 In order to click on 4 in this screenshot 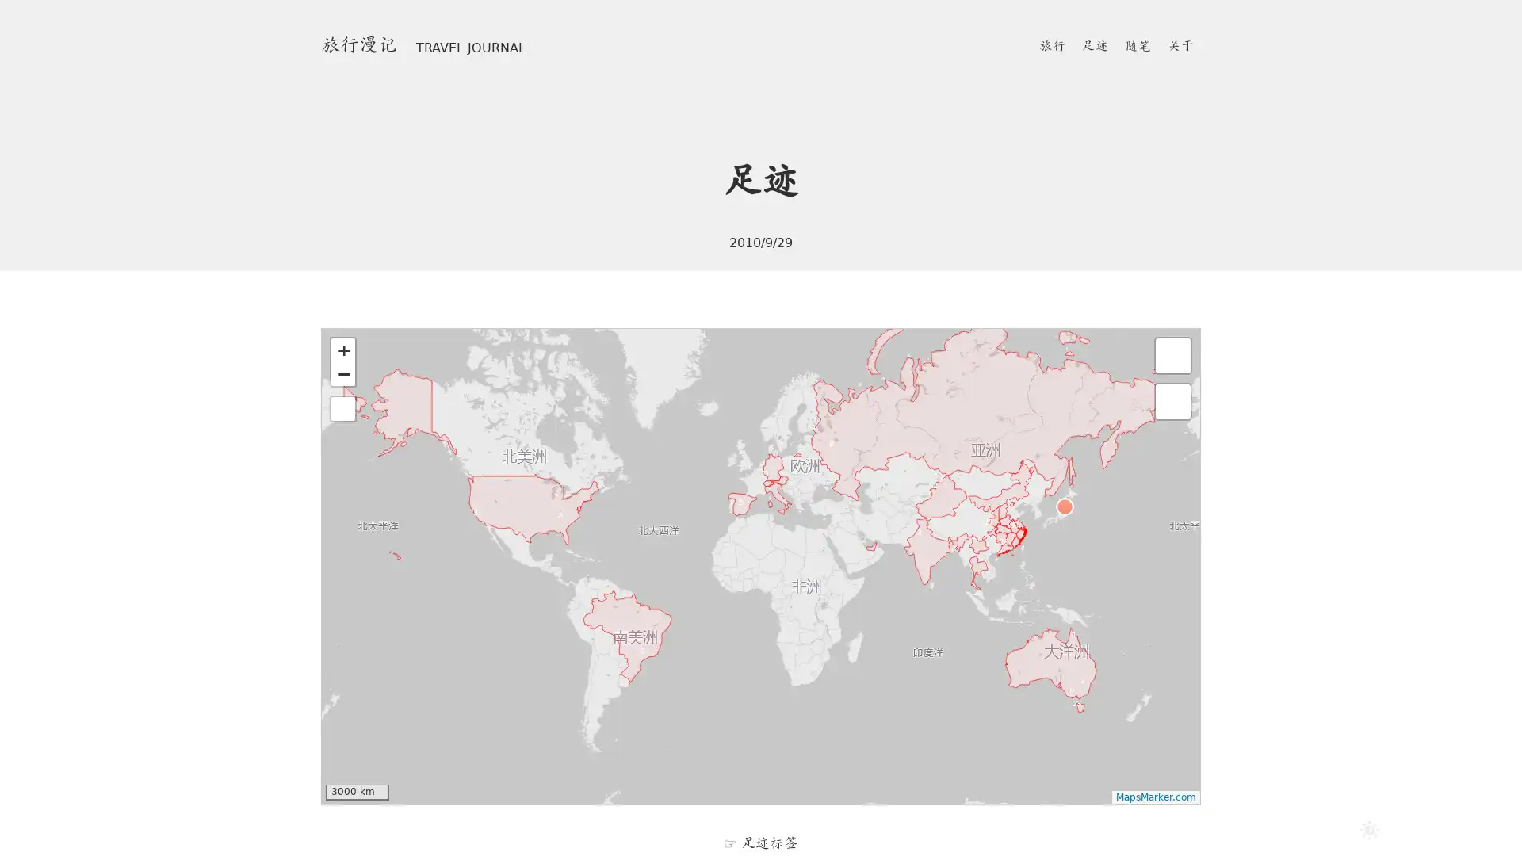, I will do `click(977, 542)`.